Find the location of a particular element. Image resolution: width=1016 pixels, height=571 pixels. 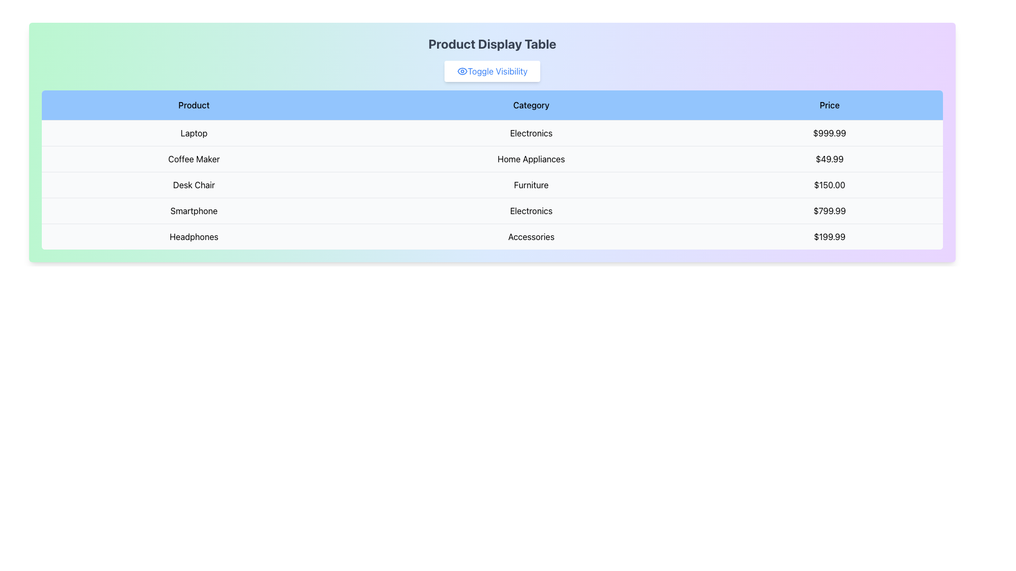

the table cell that specifies the category 'Electronics' for the product 'Laptop', located in the second column under the 'Category' header is located at coordinates (531, 132).